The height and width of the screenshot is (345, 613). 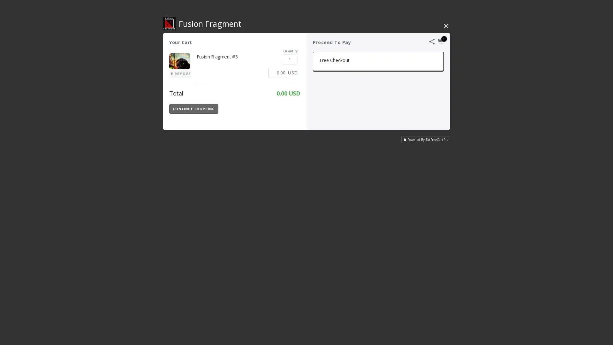 What do you see at coordinates (378, 61) in the screenshot?
I see `Free Checkout` at bounding box center [378, 61].